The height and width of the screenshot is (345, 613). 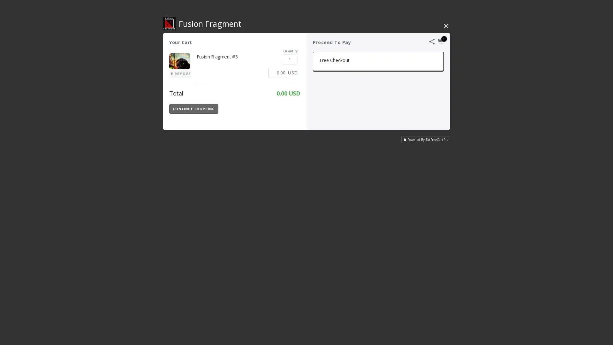 What do you see at coordinates (378, 61) in the screenshot?
I see `Free Checkout` at bounding box center [378, 61].